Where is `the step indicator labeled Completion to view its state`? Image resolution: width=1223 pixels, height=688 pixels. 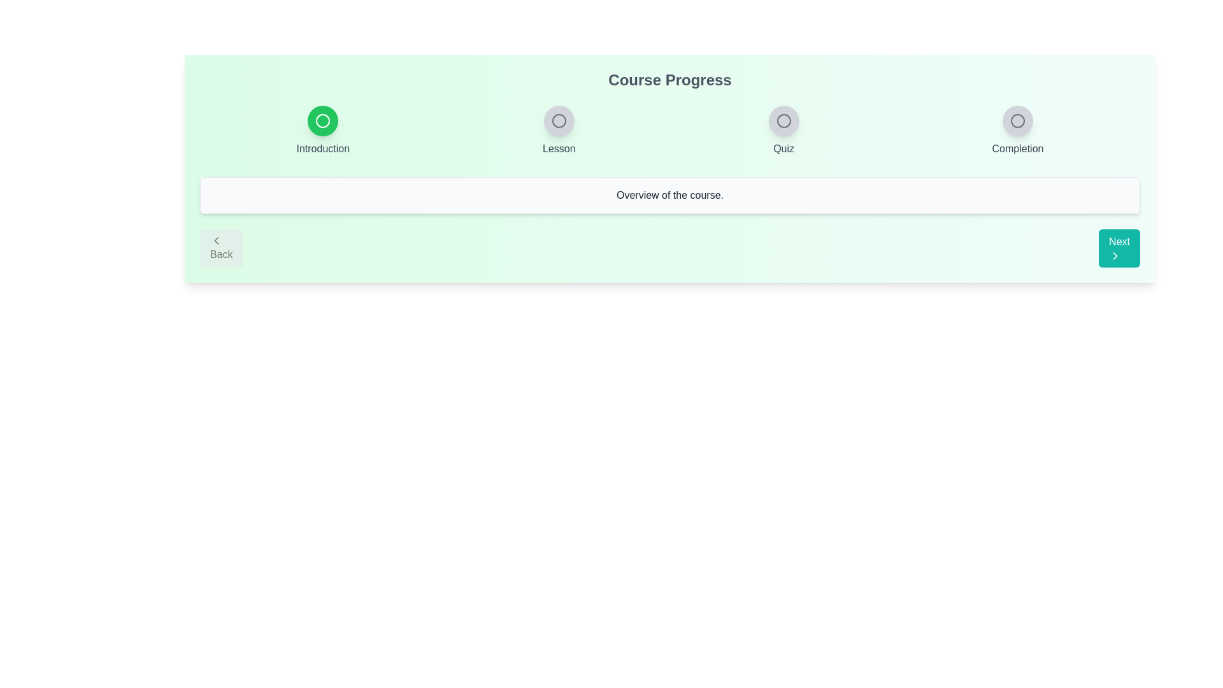
the step indicator labeled Completion to view its state is located at coordinates (1017, 131).